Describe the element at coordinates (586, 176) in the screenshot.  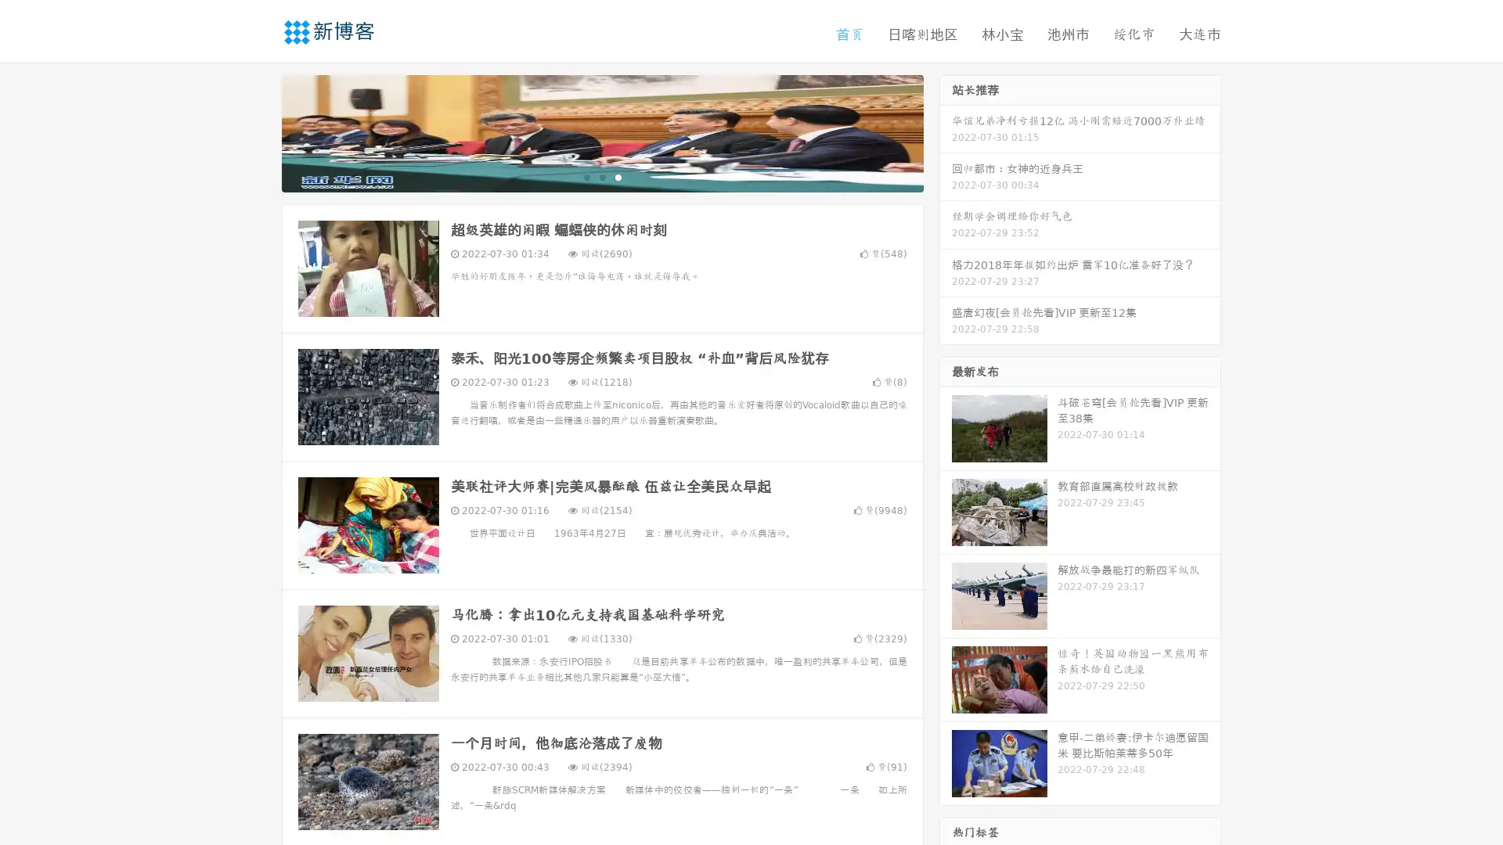
I see `Go to slide 1` at that location.